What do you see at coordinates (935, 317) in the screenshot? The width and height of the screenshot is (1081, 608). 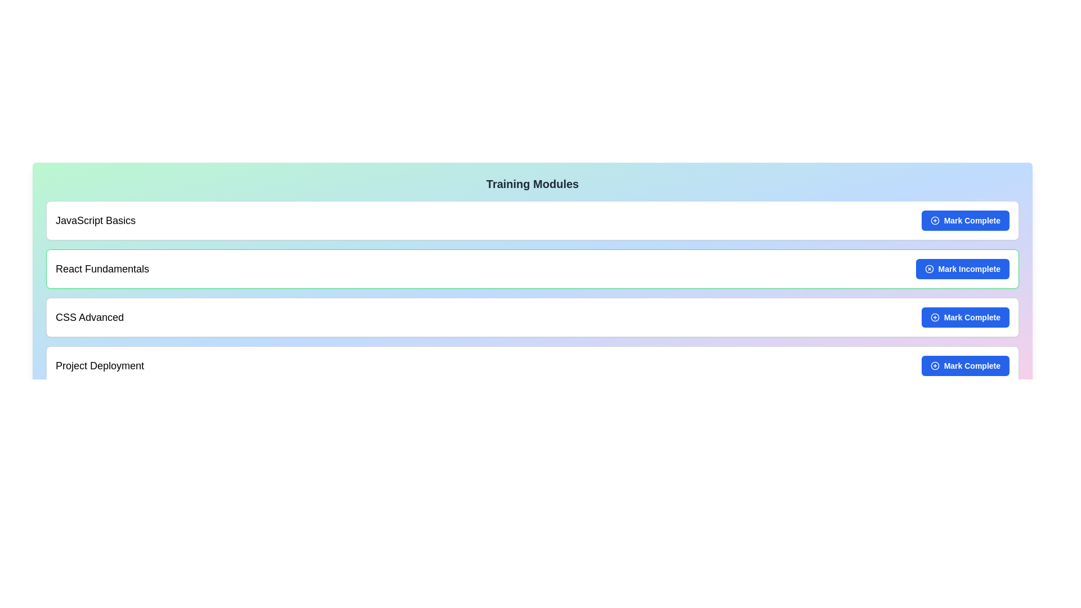 I see `the icon located on the right side of the 'Mark Complete' button, which is part of the third item in the list, to interact with the feature` at bounding box center [935, 317].